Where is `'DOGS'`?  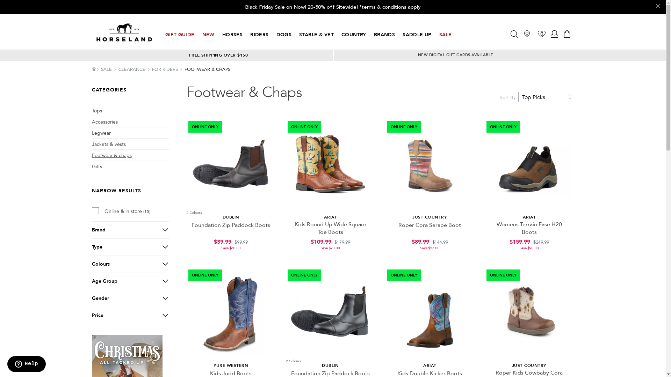
'DOGS' is located at coordinates (276, 35).